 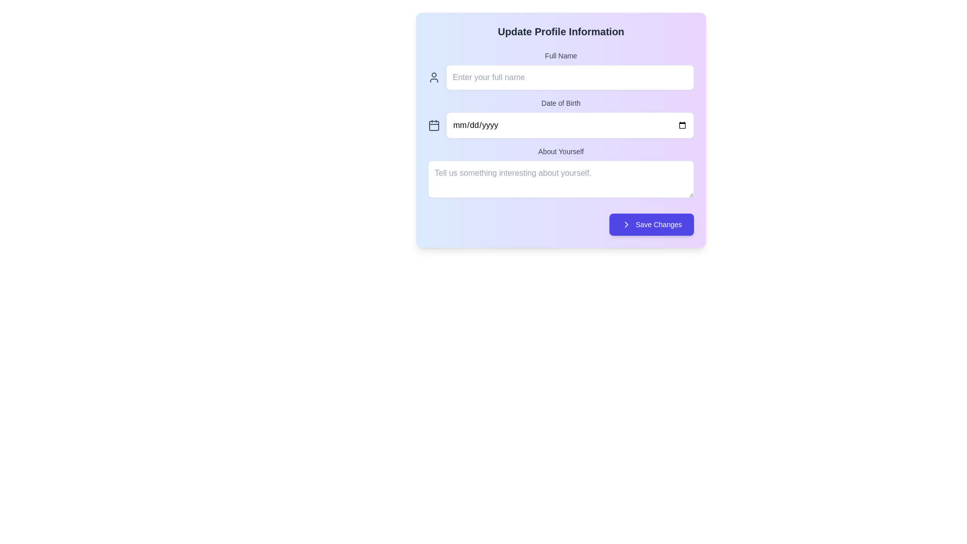 I want to click on to select partial text in the text input field for entering the full name, which has a light border and a user silhouette icon, so click(x=560, y=77).